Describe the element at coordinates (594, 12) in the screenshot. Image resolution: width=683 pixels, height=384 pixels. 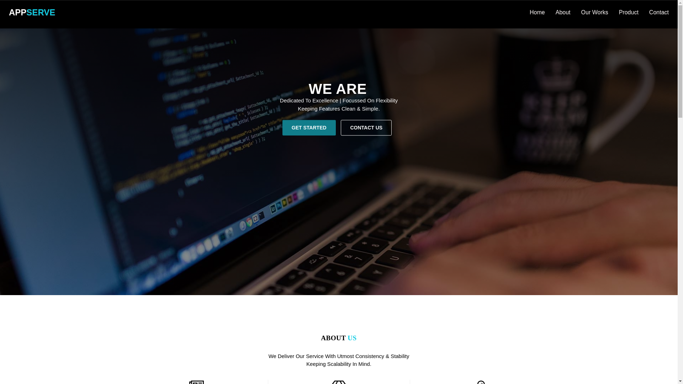
I see `'Our Works'` at that location.